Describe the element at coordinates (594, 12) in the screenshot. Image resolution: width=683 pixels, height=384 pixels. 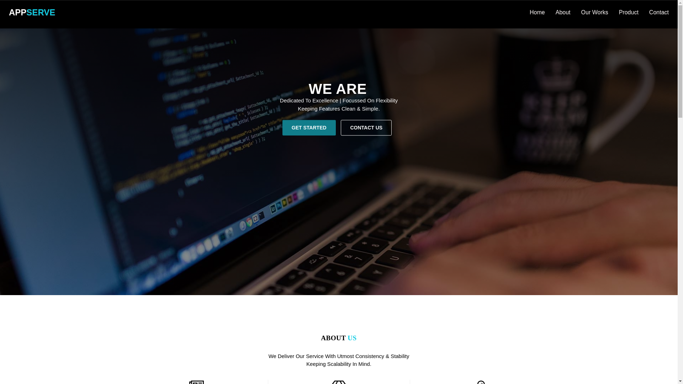
I see `'Our Works'` at that location.